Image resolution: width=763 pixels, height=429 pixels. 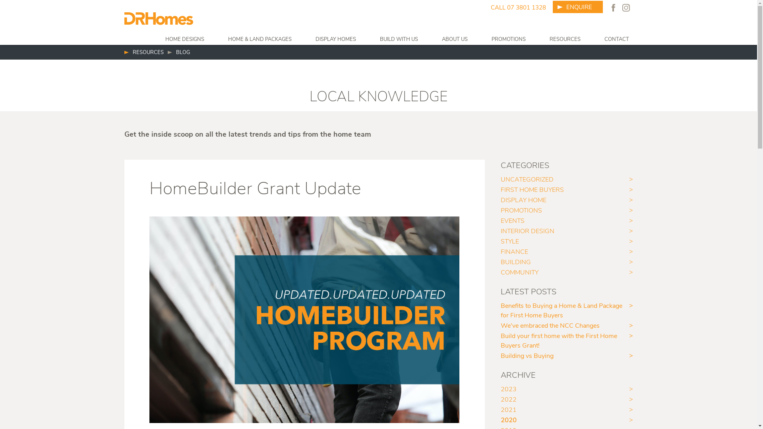 What do you see at coordinates (224, 40) in the screenshot?
I see `'HOME & LAND PACKAGES'` at bounding box center [224, 40].